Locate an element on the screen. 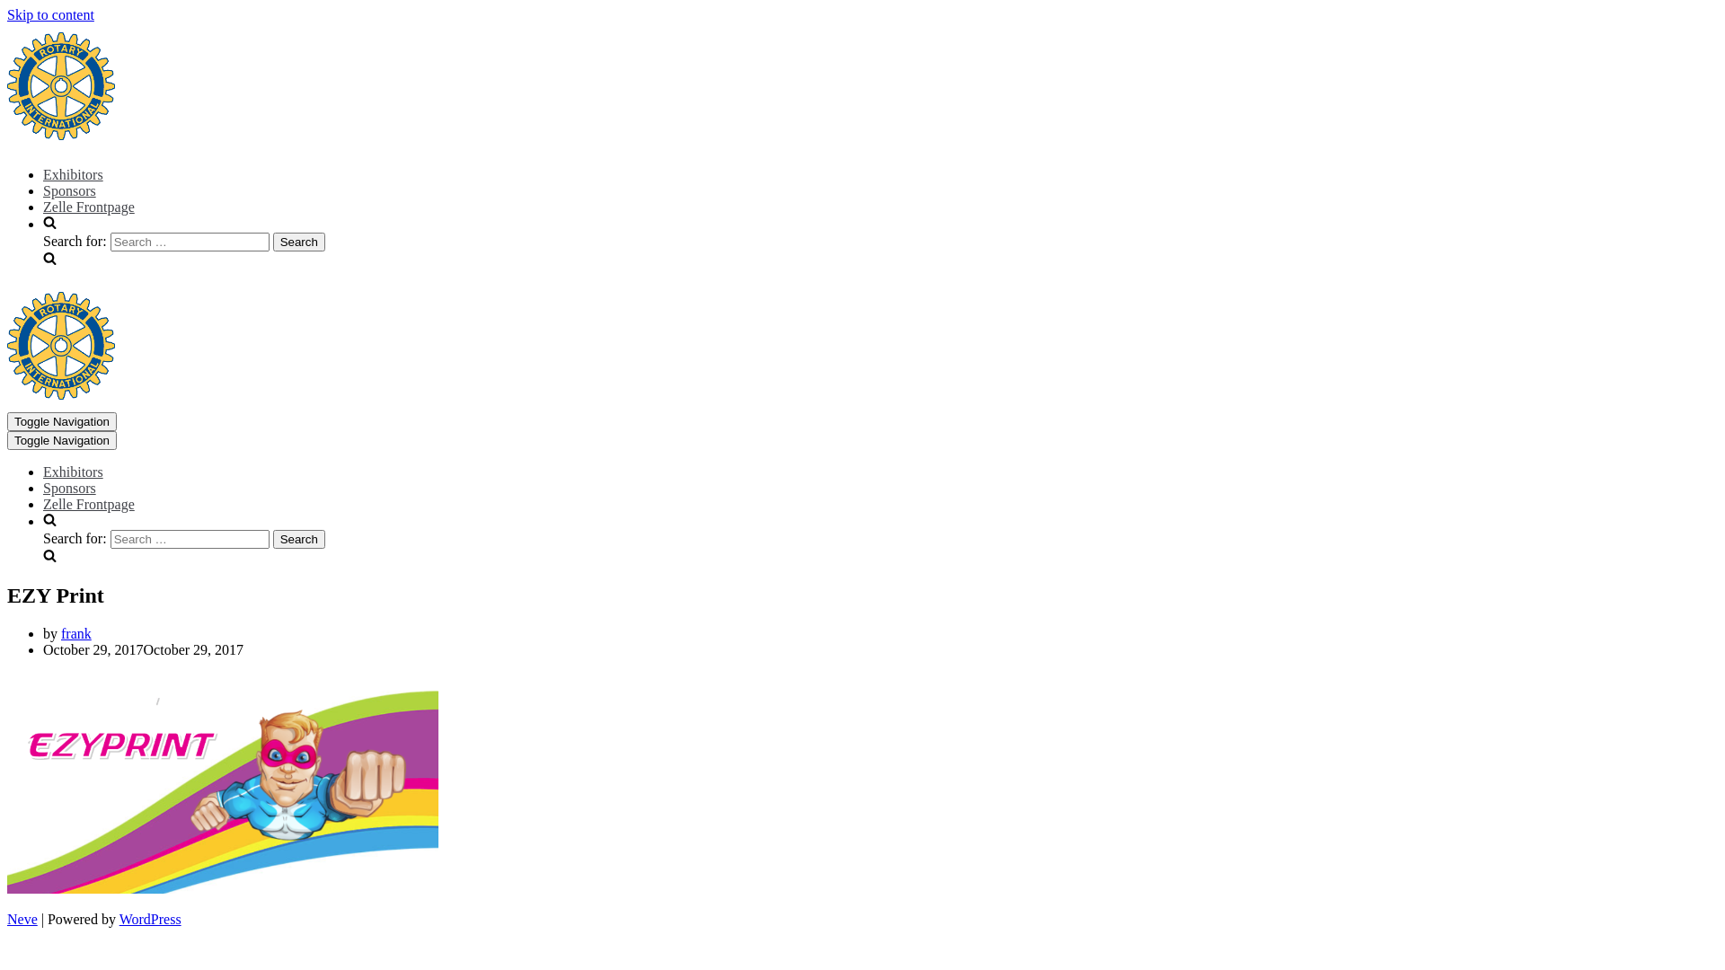 This screenshot has width=1725, height=970. 'Exhibitors' is located at coordinates (43, 174).